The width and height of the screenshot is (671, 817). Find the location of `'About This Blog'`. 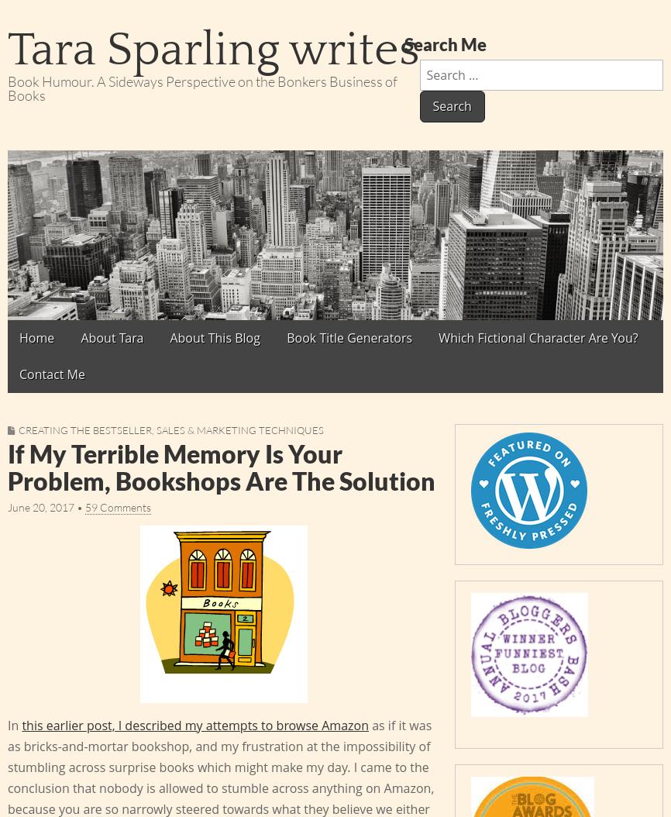

'About This Blog' is located at coordinates (169, 336).